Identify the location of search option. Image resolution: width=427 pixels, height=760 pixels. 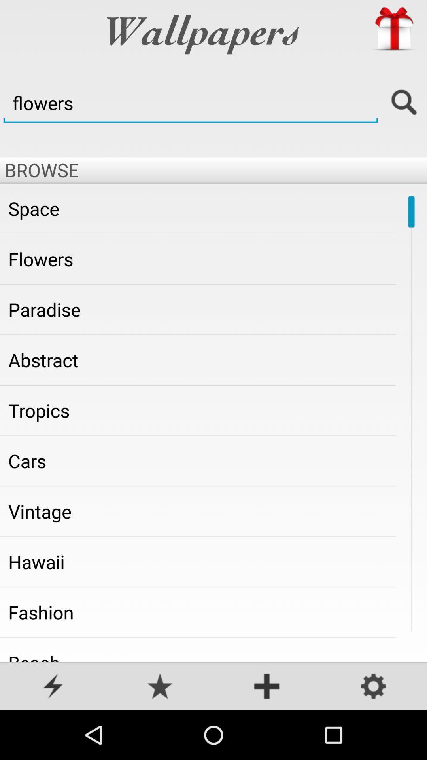
(404, 103).